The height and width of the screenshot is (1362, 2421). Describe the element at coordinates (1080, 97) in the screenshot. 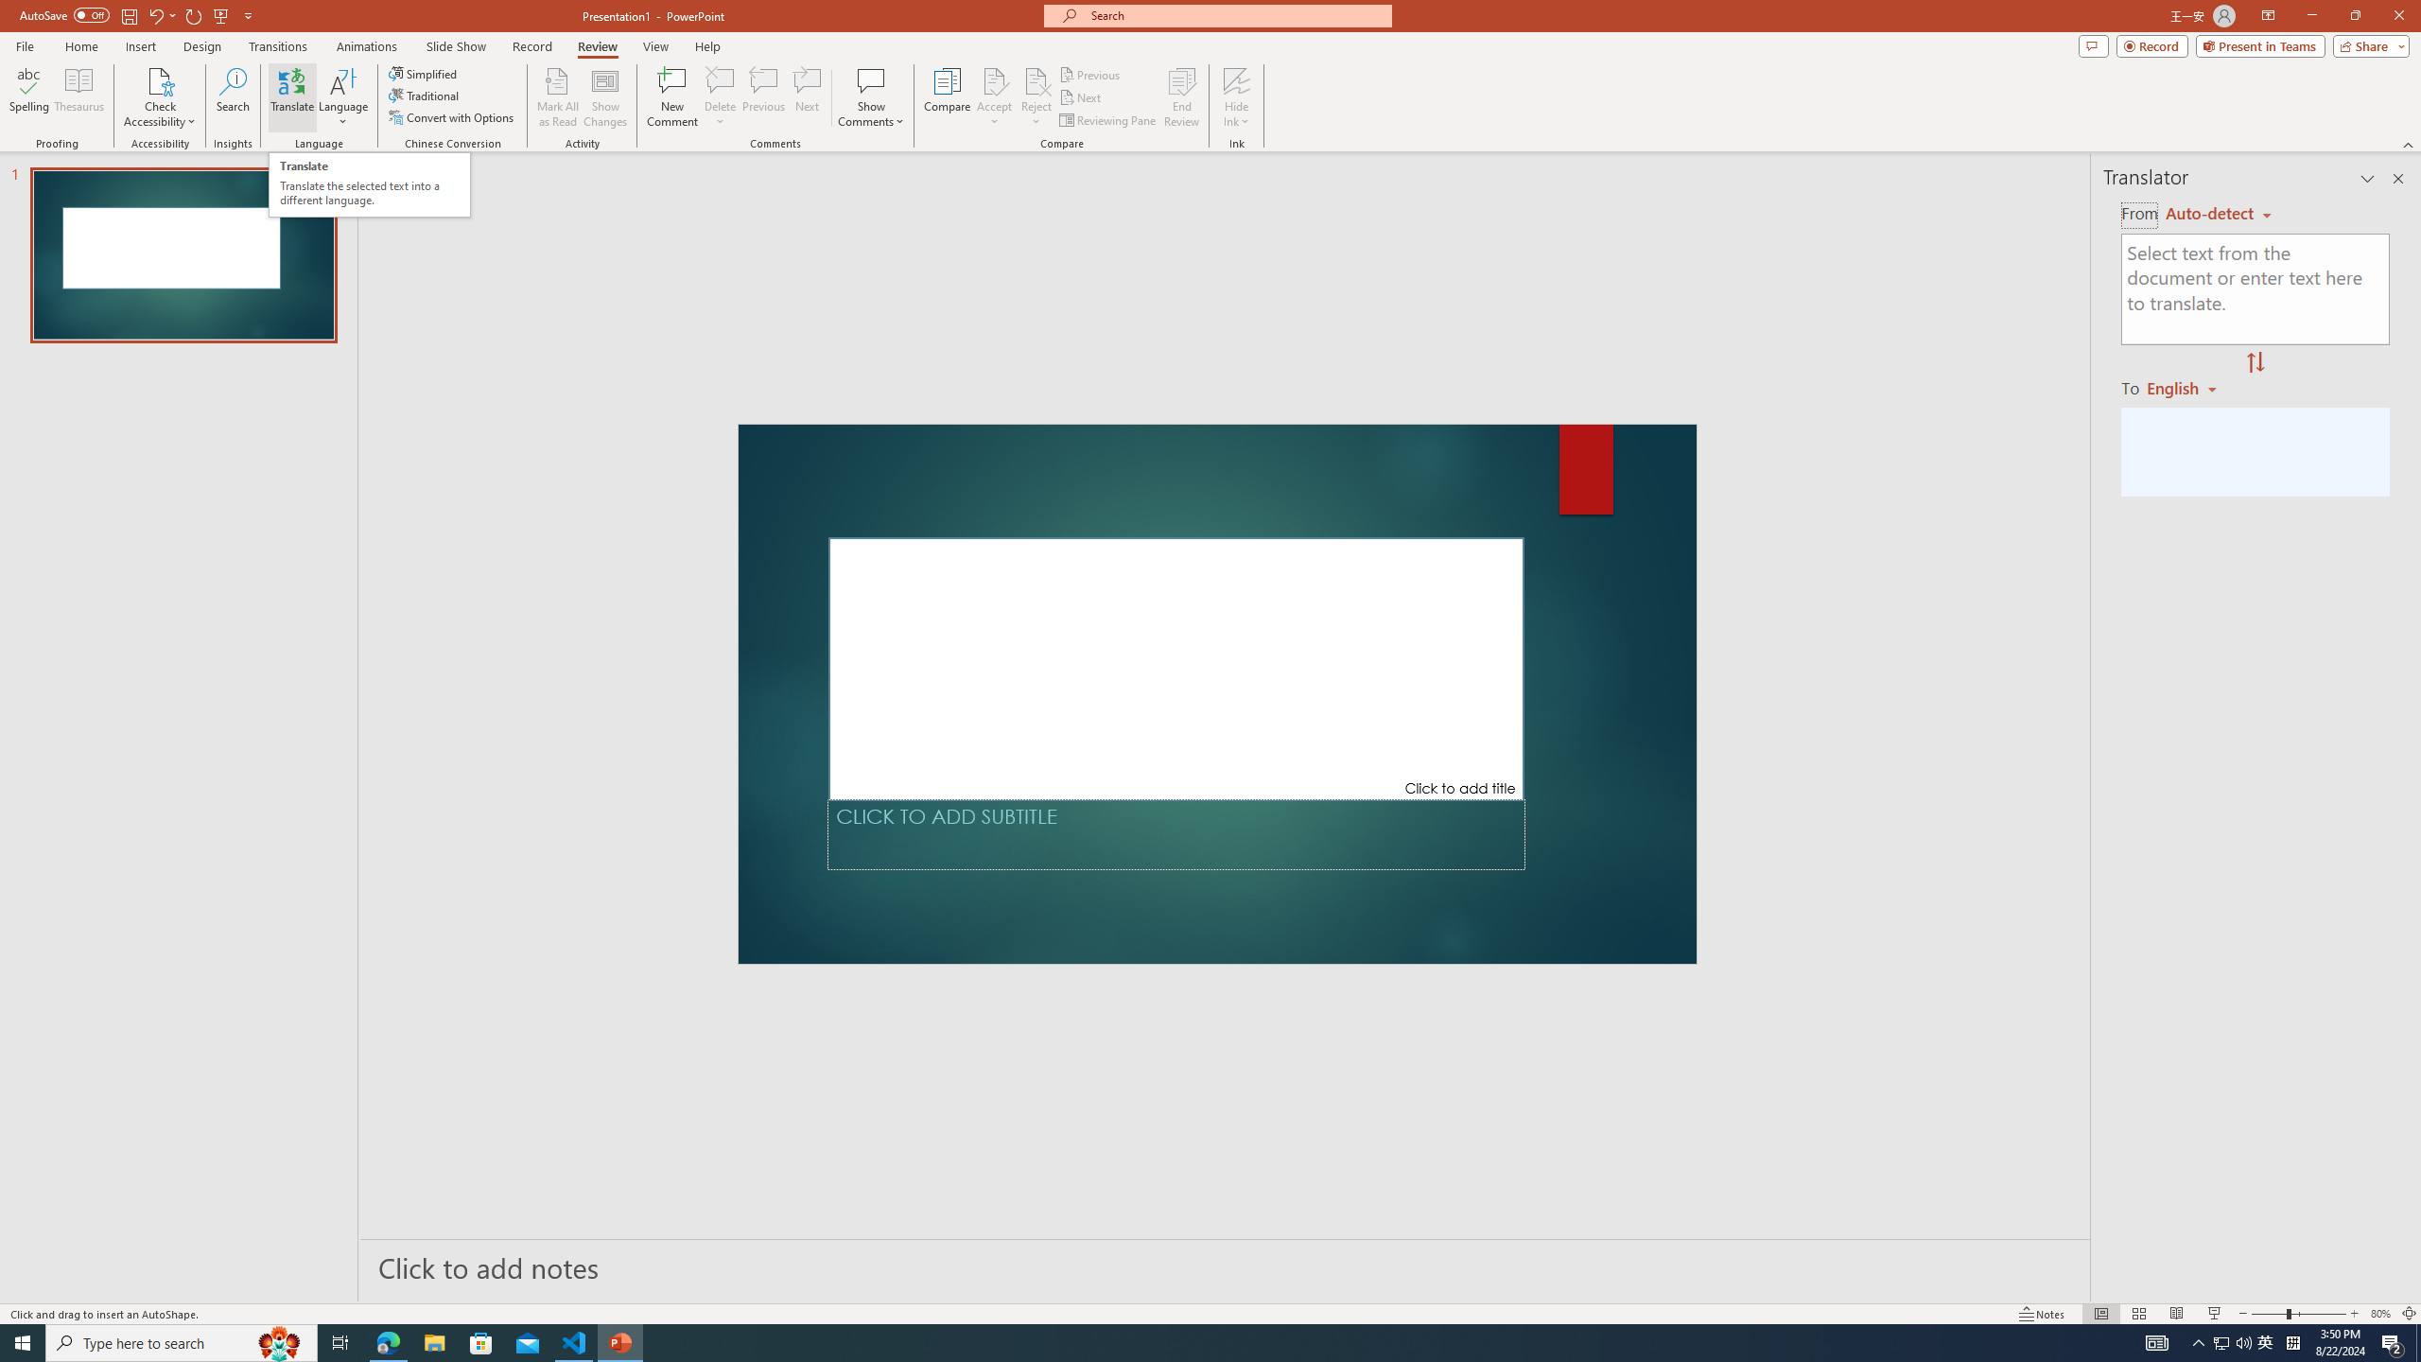

I see `'Next'` at that location.